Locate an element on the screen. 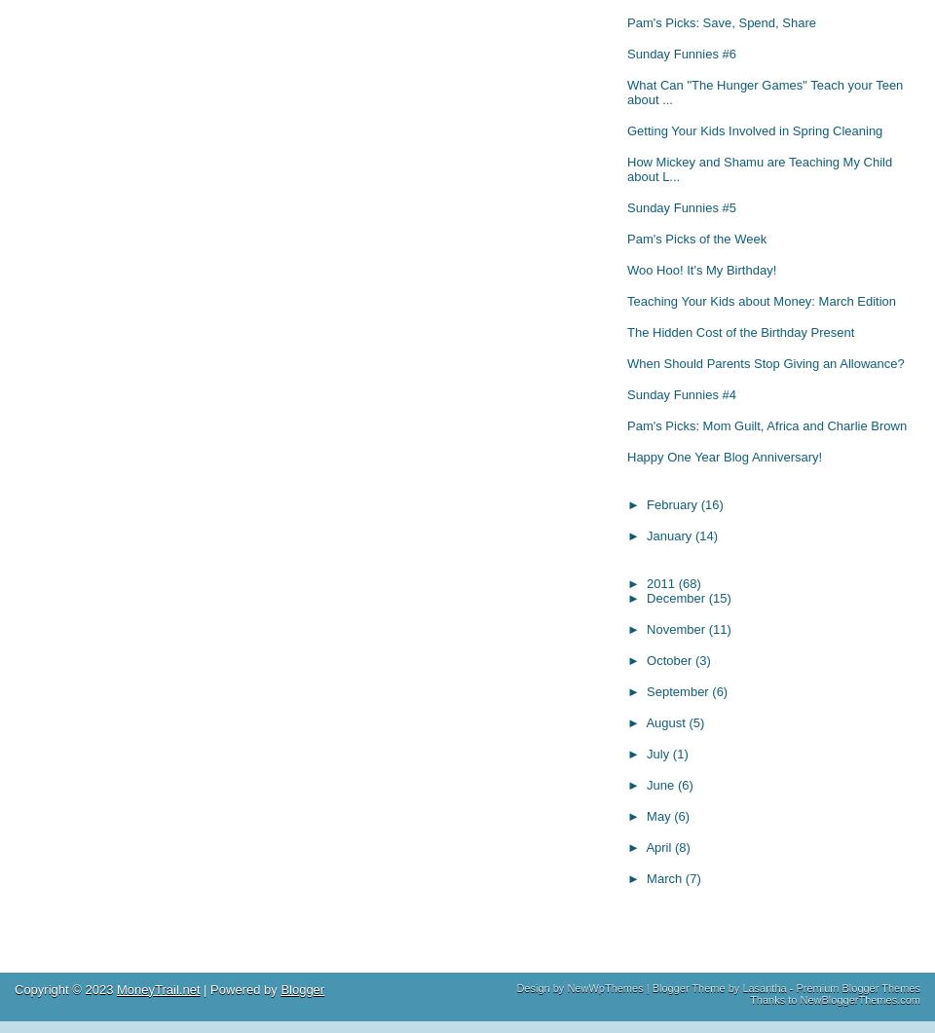  'May' is located at coordinates (647, 815).